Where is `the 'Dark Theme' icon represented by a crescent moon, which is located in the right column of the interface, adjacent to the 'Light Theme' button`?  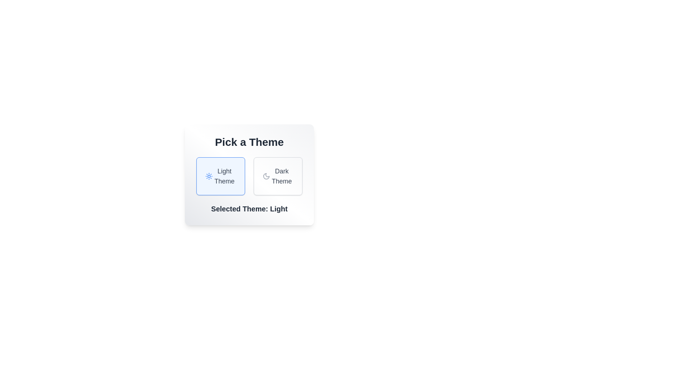
the 'Dark Theme' icon represented by a crescent moon, which is located in the right column of the interface, adjacent to the 'Light Theme' button is located at coordinates (266, 176).